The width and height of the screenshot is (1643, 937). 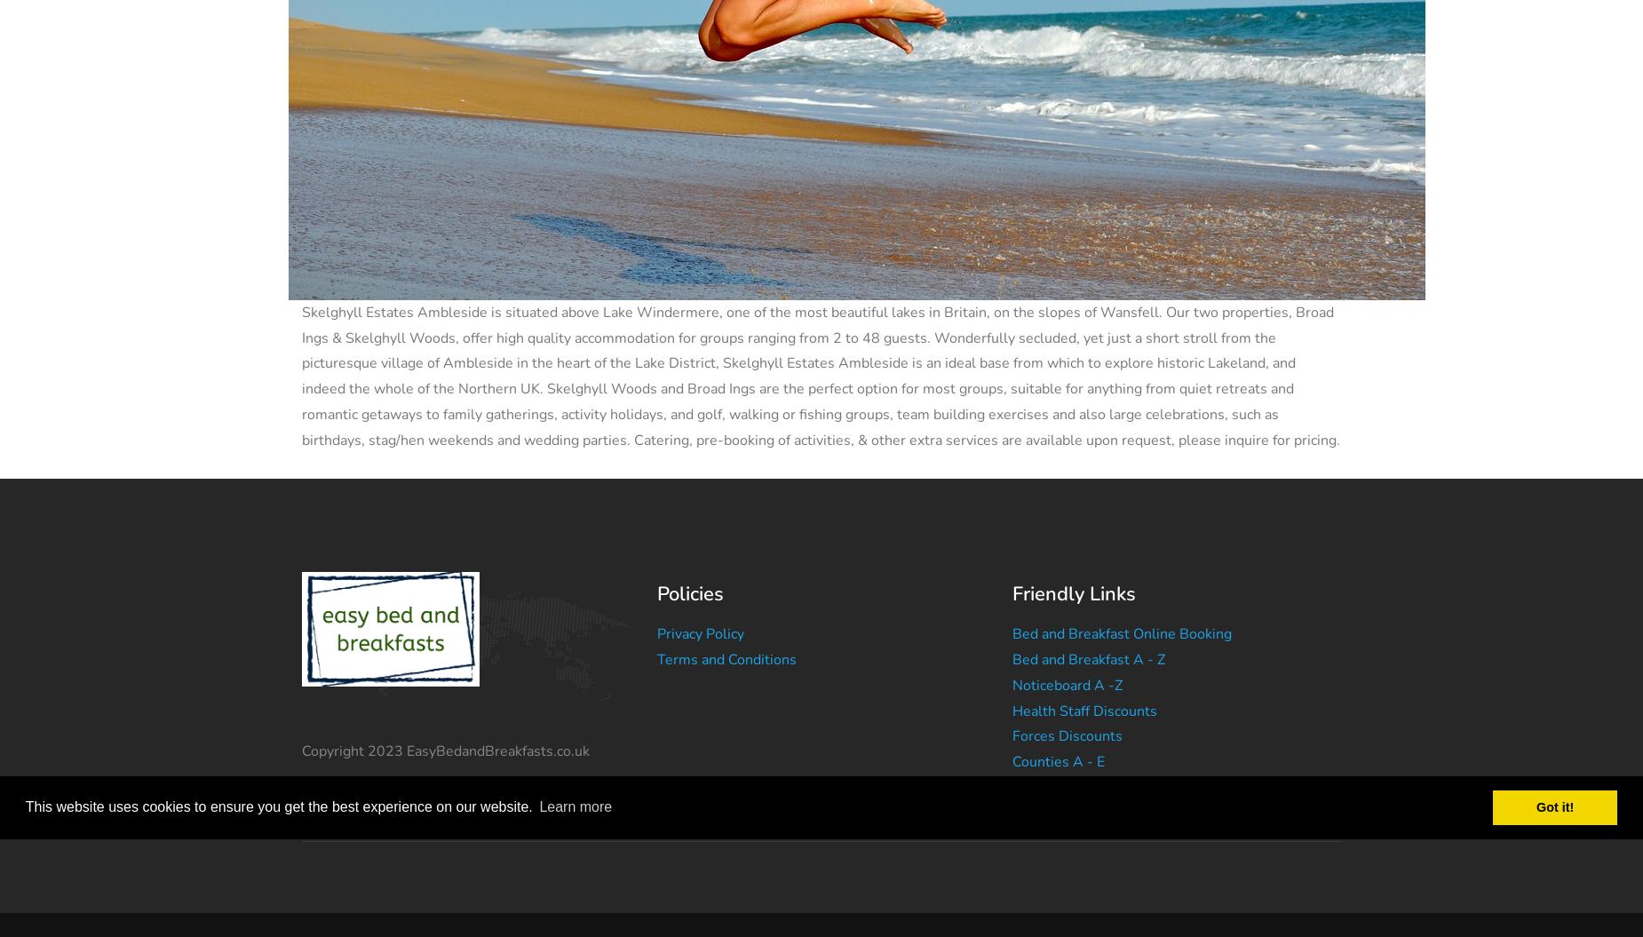 What do you see at coordinates (690, 592) in the screenshot?
I see `'Policies'` at bounding box center [690, 592].